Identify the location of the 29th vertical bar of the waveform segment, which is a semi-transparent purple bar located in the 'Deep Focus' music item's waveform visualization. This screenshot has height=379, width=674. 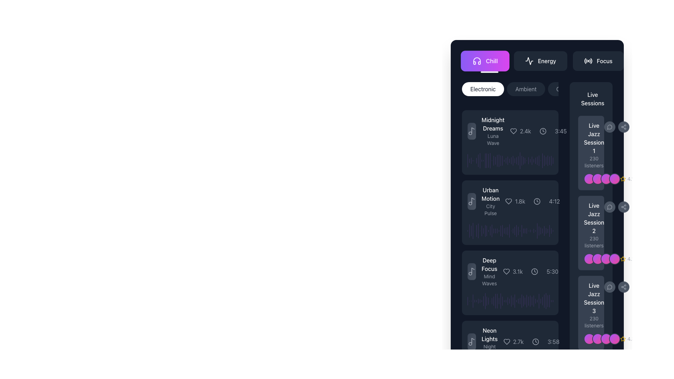
(515, 300).